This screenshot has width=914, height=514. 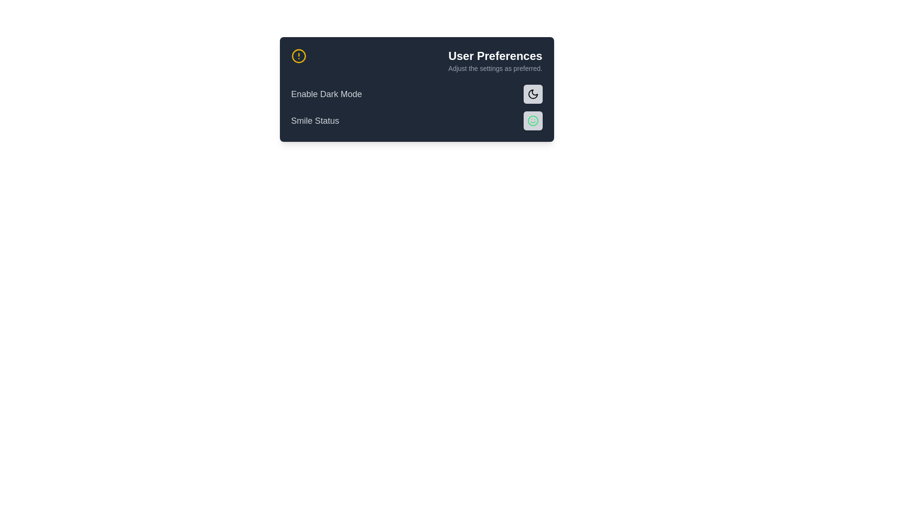 What do you see at coordinates (532, 120) in the screenshot?
I see `the green circular outline of the smiley face icon, which is centrally positioned and adjacent to the 'Smile Status' label` at bounding box center [532, 120].